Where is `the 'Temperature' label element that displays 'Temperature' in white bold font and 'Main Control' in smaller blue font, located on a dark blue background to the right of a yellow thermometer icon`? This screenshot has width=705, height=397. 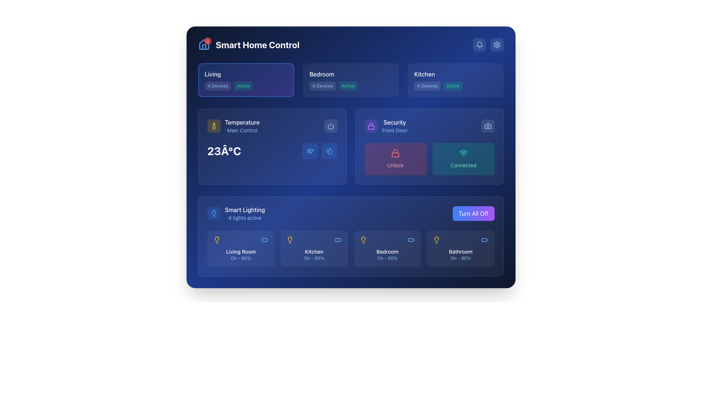 the 'Temperature' label element that displays 'Temperature' in white bold font and 'Main Control' in smaller blue font, located on a dark blue background to the right of a yellow thermometer icon is located at coordinates (242, 126).